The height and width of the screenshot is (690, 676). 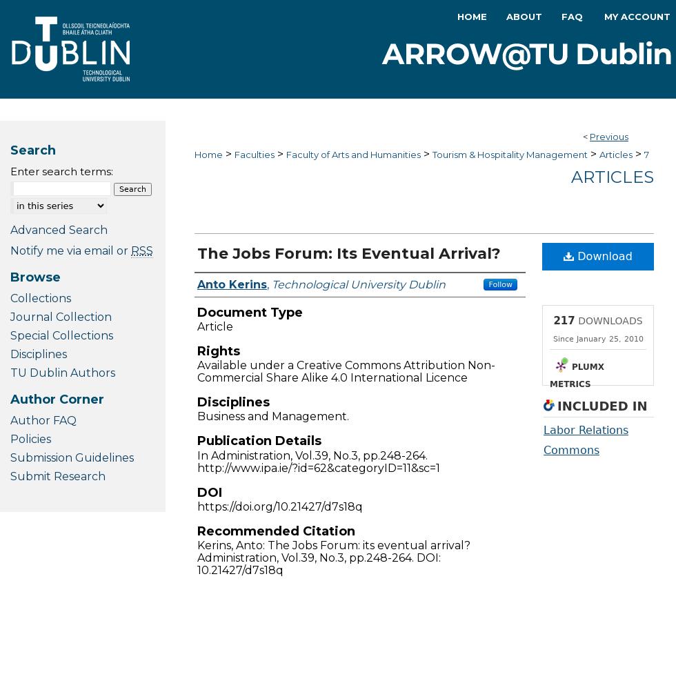 I want to click on 'Browse', so click(x=35, y=277).